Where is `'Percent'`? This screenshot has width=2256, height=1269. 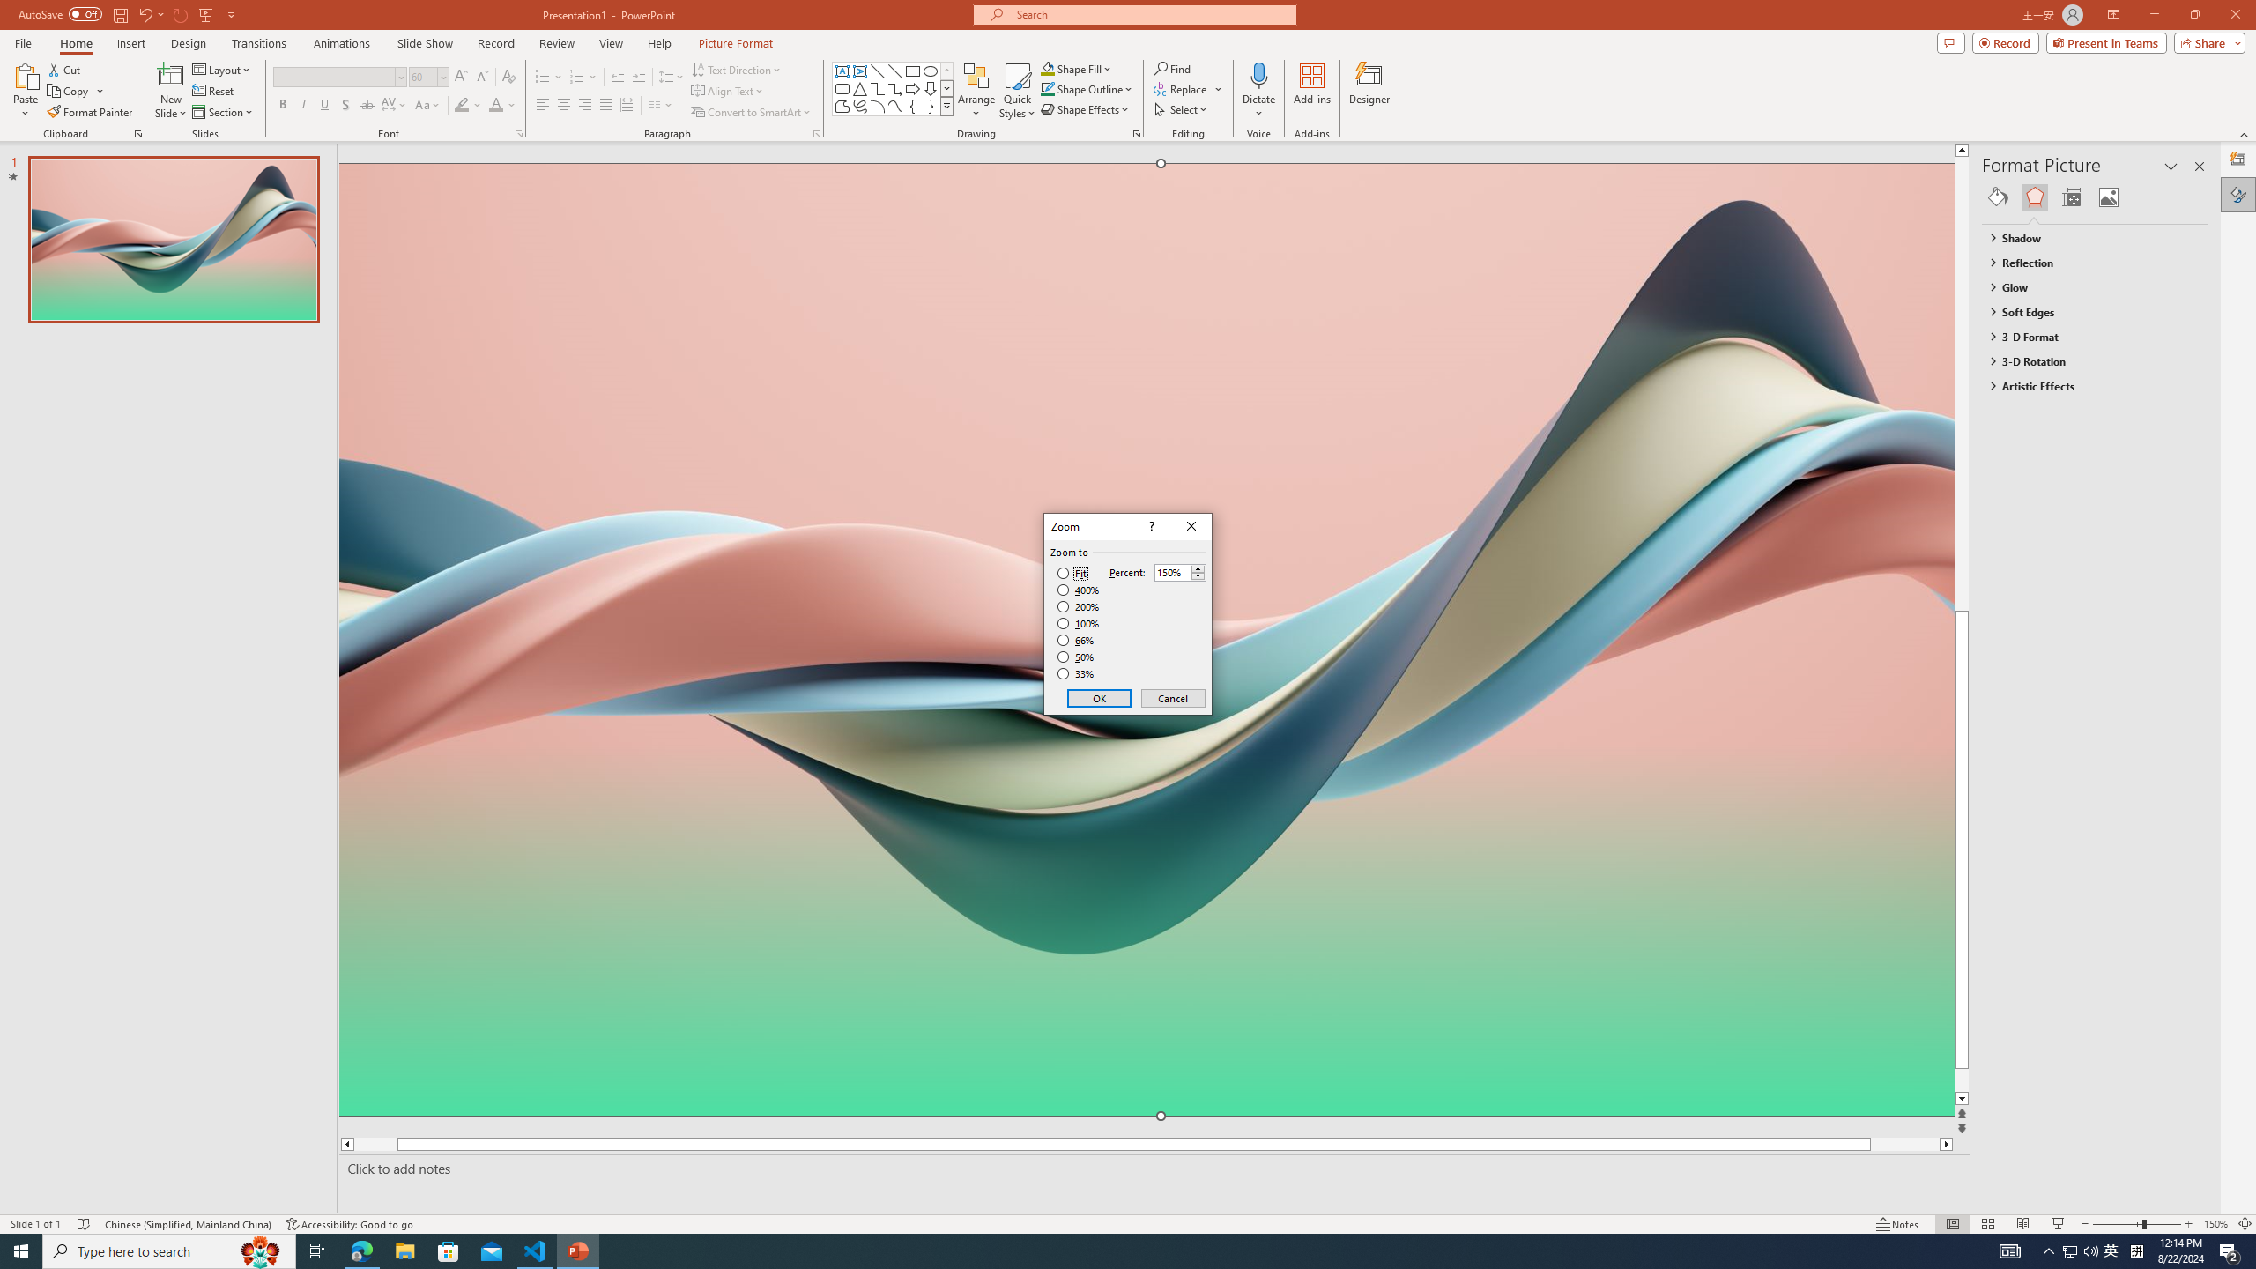
'Percent' is located at coordinates (1181, 571).